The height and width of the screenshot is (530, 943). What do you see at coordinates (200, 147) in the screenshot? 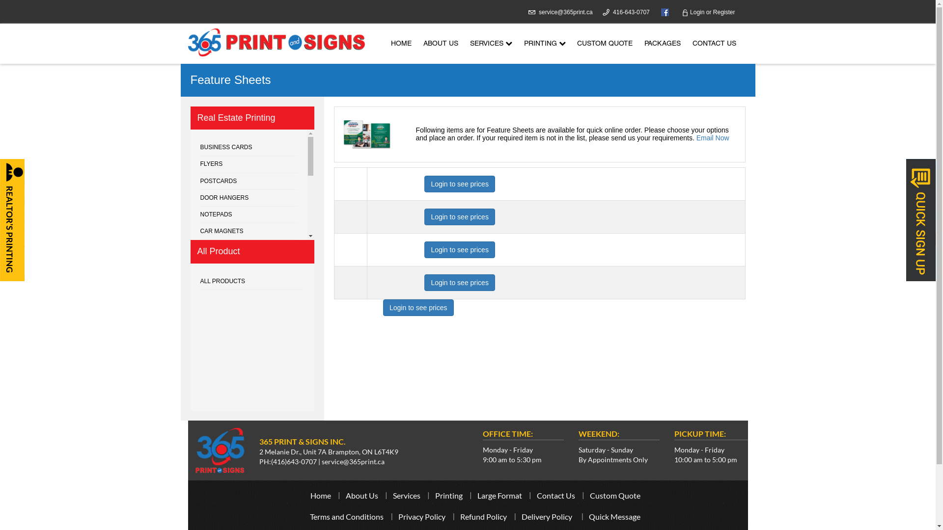
I see `'BUSINESS CARDS'` at bounding box center [200, 147].